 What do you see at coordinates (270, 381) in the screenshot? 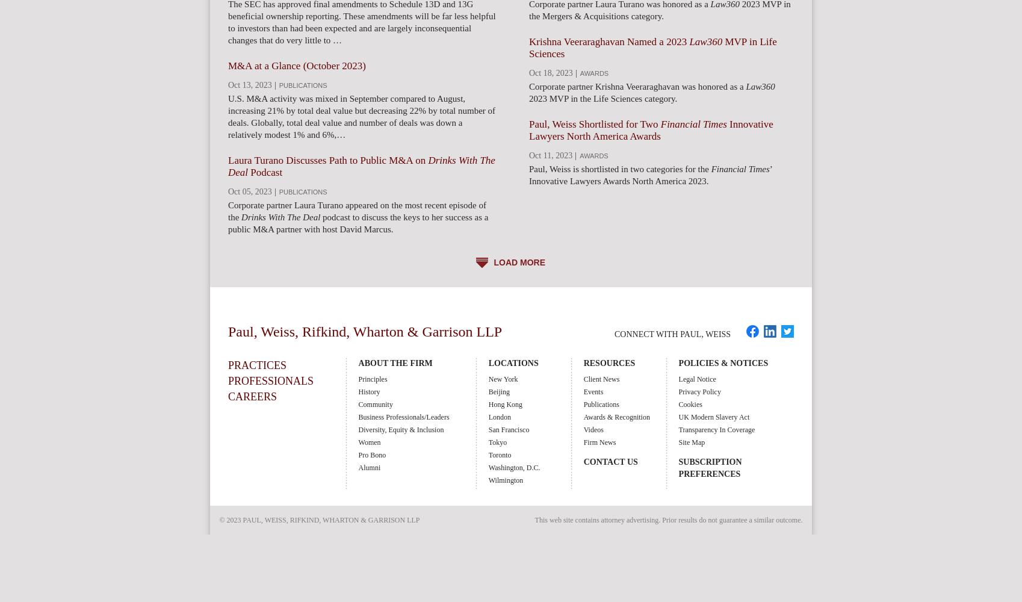
I see `'PROFESSIONALS'` at bounding box center [270, 381].